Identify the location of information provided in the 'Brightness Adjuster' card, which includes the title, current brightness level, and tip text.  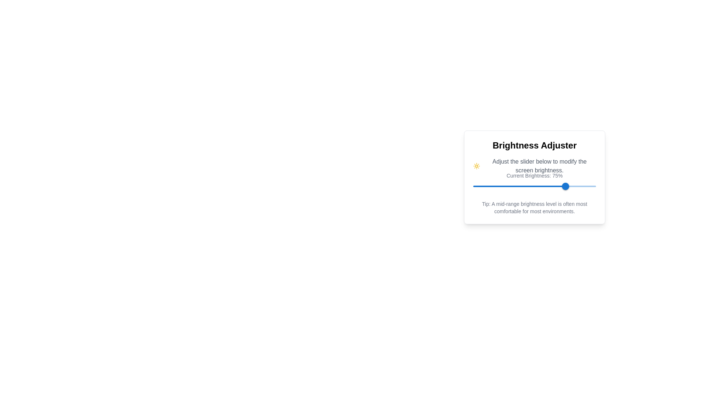
(535, 177).